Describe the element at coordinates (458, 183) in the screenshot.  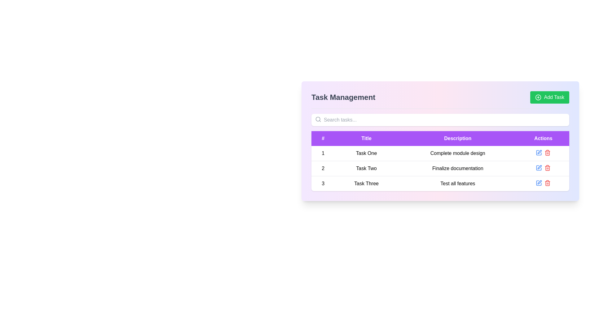
I see `the static text display showing 'Test all features' which is located in the 'Description' column of the task table aligned with 'Task Three' in the 'Title' column` at that location.